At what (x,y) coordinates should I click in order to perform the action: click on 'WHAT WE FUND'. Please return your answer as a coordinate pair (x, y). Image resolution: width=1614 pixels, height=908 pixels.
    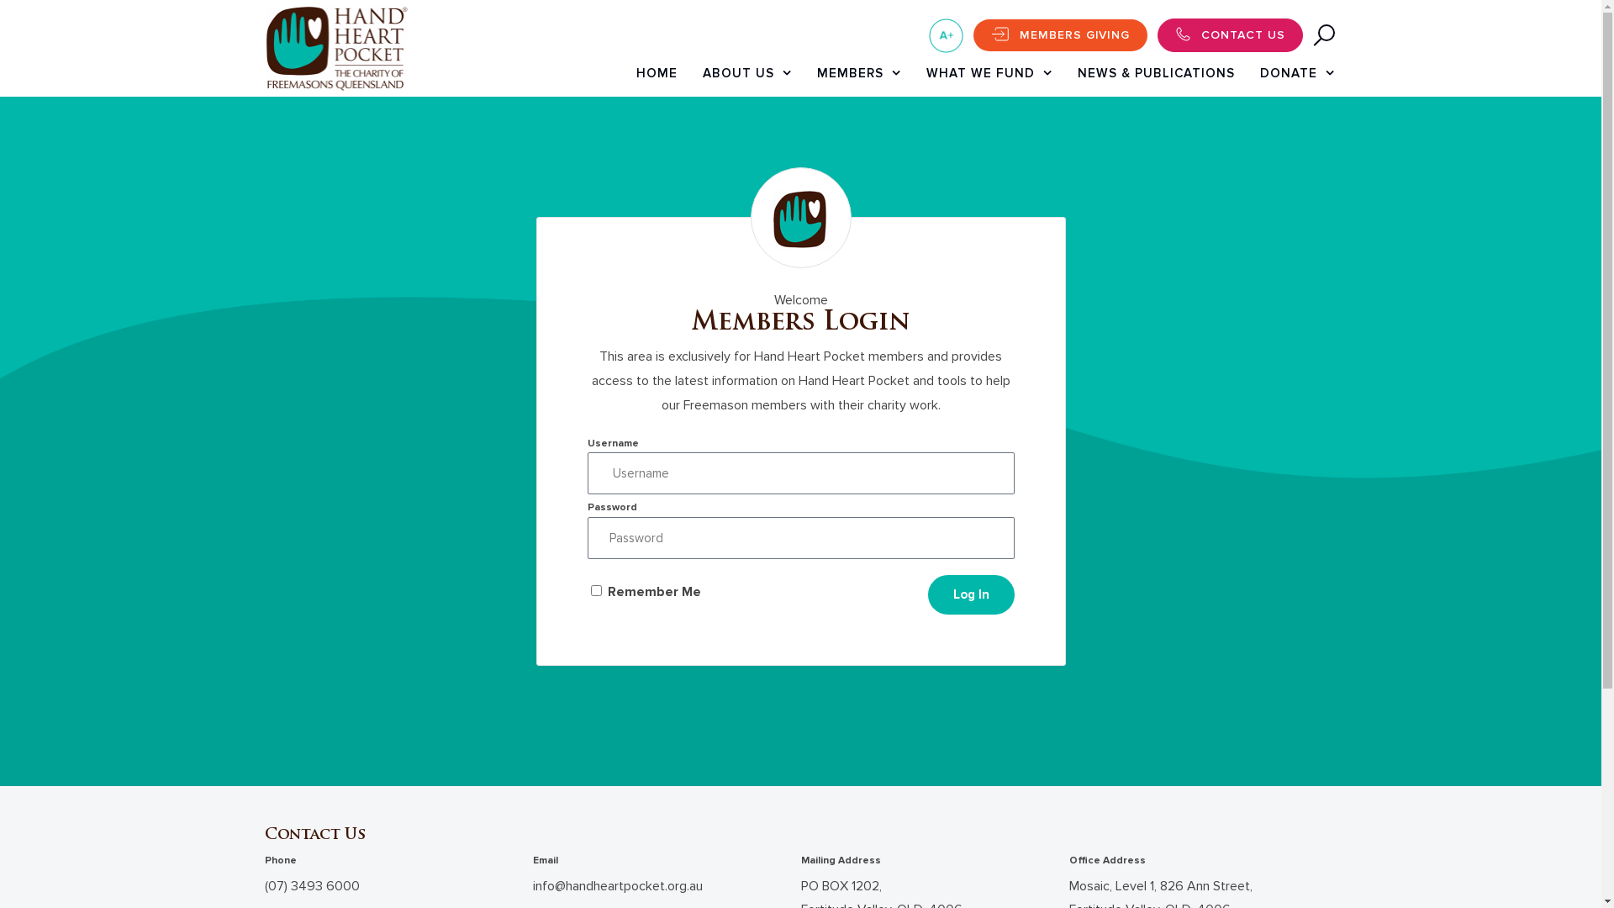
    Looking at the image, I should click on (989, 77).